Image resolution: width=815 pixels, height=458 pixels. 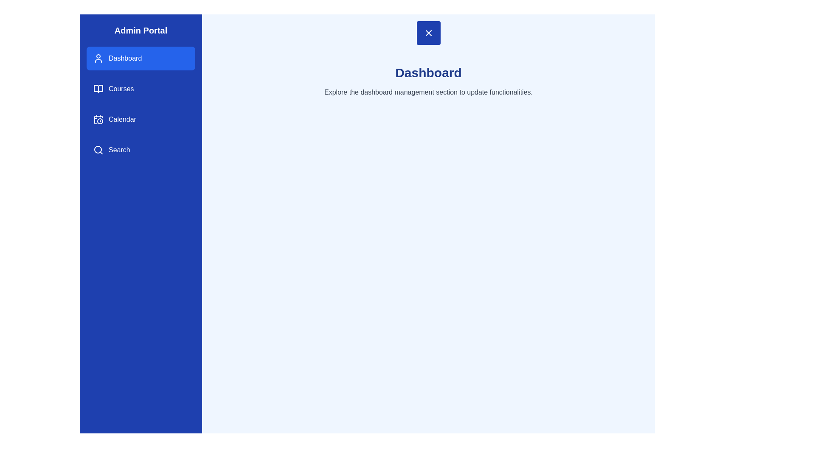 I want to click on toggle button in the top section of the main area to open or close the side drawer menu, so click(x=428, y=32).